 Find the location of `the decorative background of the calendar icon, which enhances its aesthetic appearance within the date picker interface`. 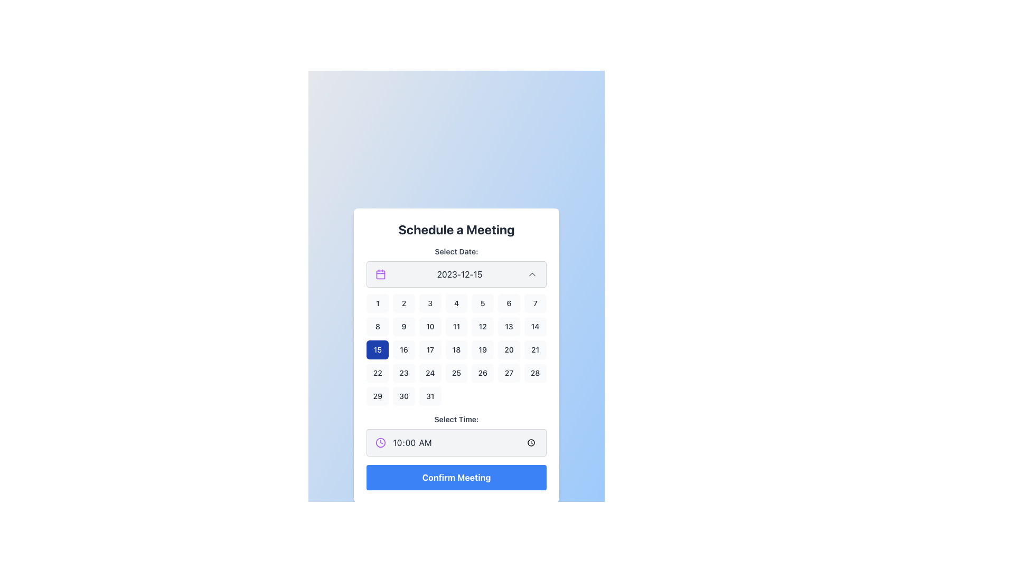

the decorative background of the calendar icon, which enhances its aesthetic appearance within the date picker interface is located at coordinates (380, 274).